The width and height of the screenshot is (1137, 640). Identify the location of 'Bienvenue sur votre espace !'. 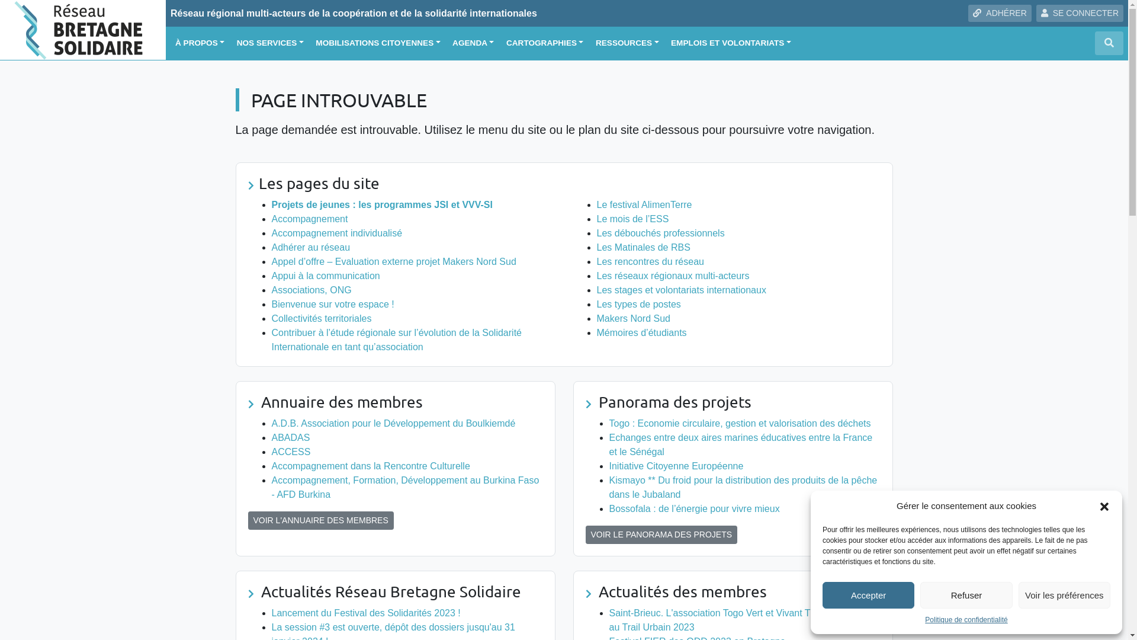
(332, 303).